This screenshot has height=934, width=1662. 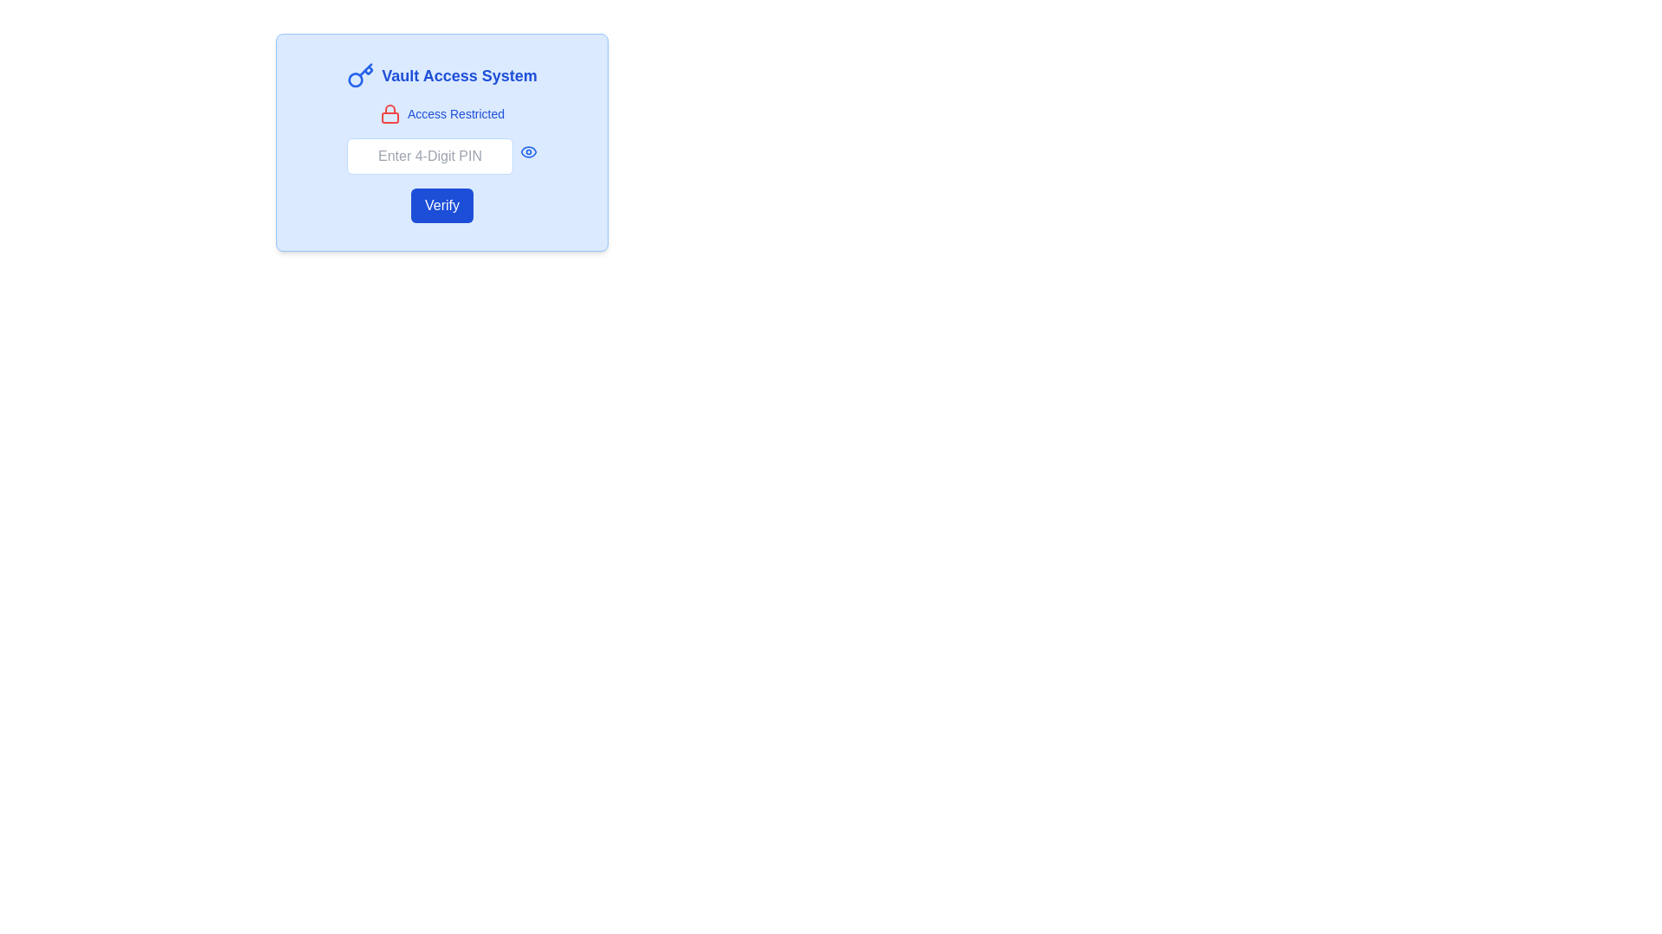 What do you see at coordinates (456, 113) in the screenshot?
I see `the text label displaying 'Access Restricted' in blue, which is adjacent to the 'Vault Access System' title and above the input field` at bounding box center [456, 113].